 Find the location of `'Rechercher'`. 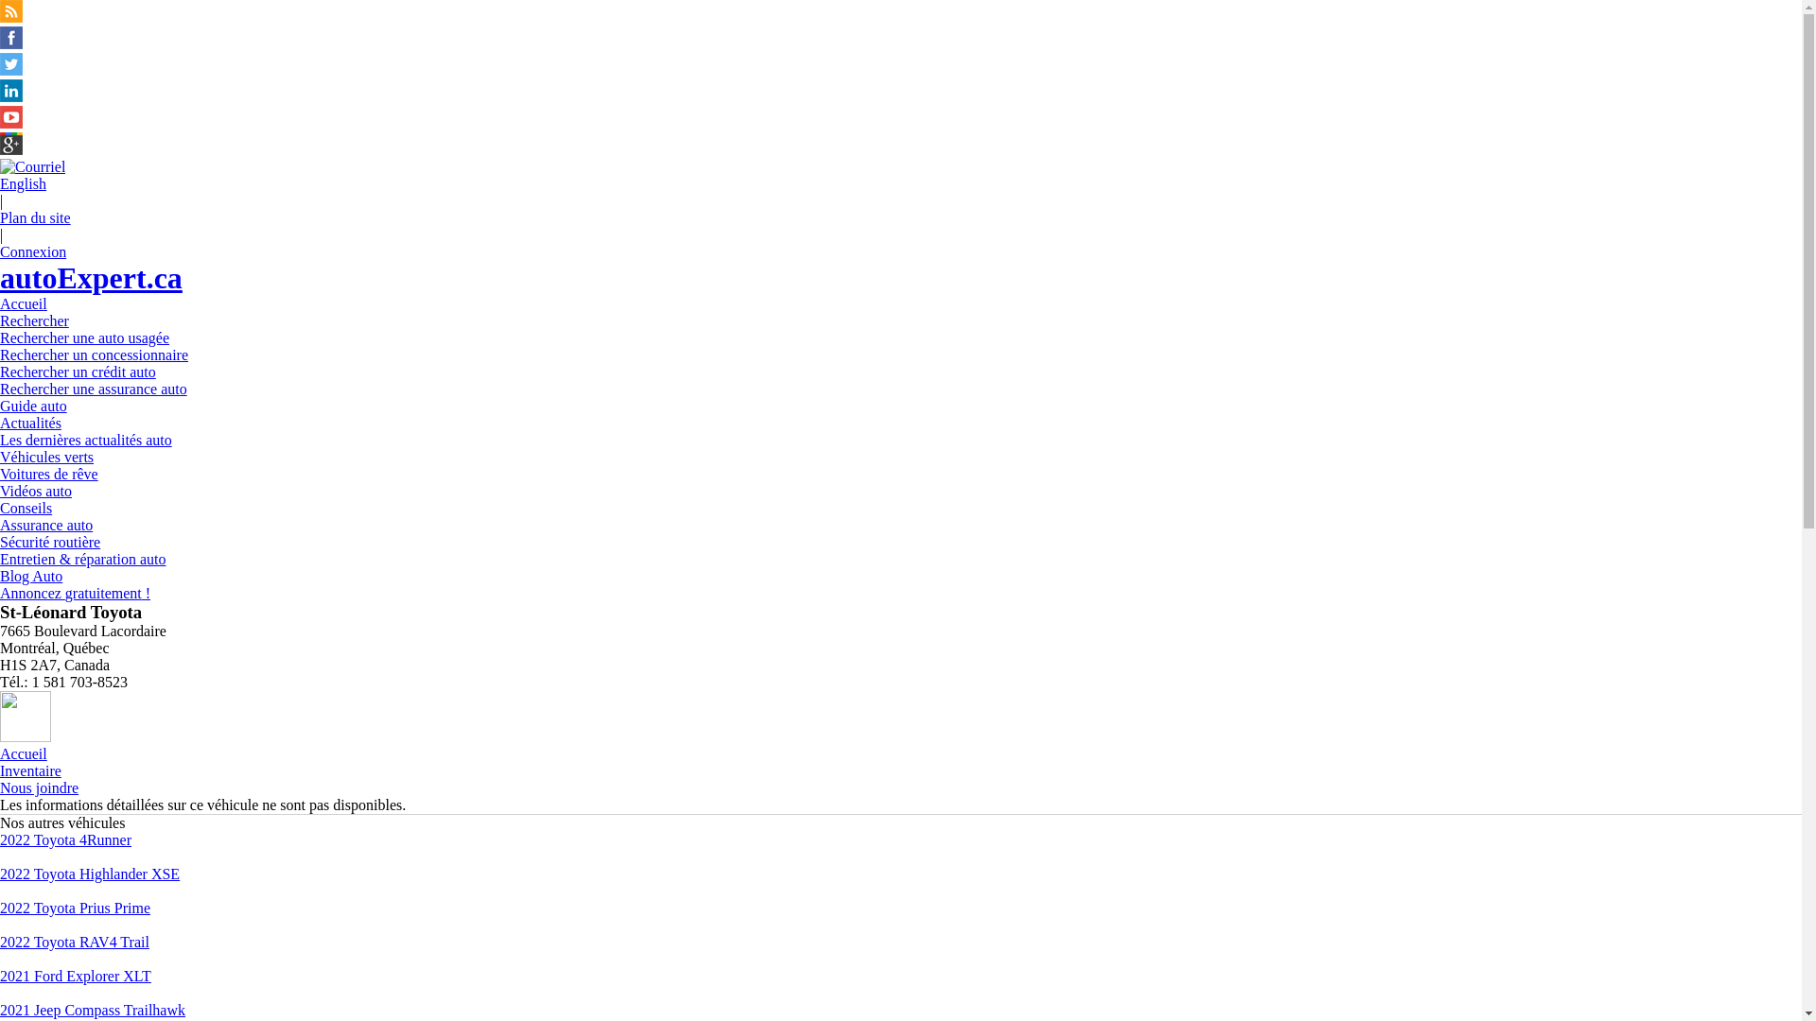

'Rechercher' is located at coordinates (34, 320).